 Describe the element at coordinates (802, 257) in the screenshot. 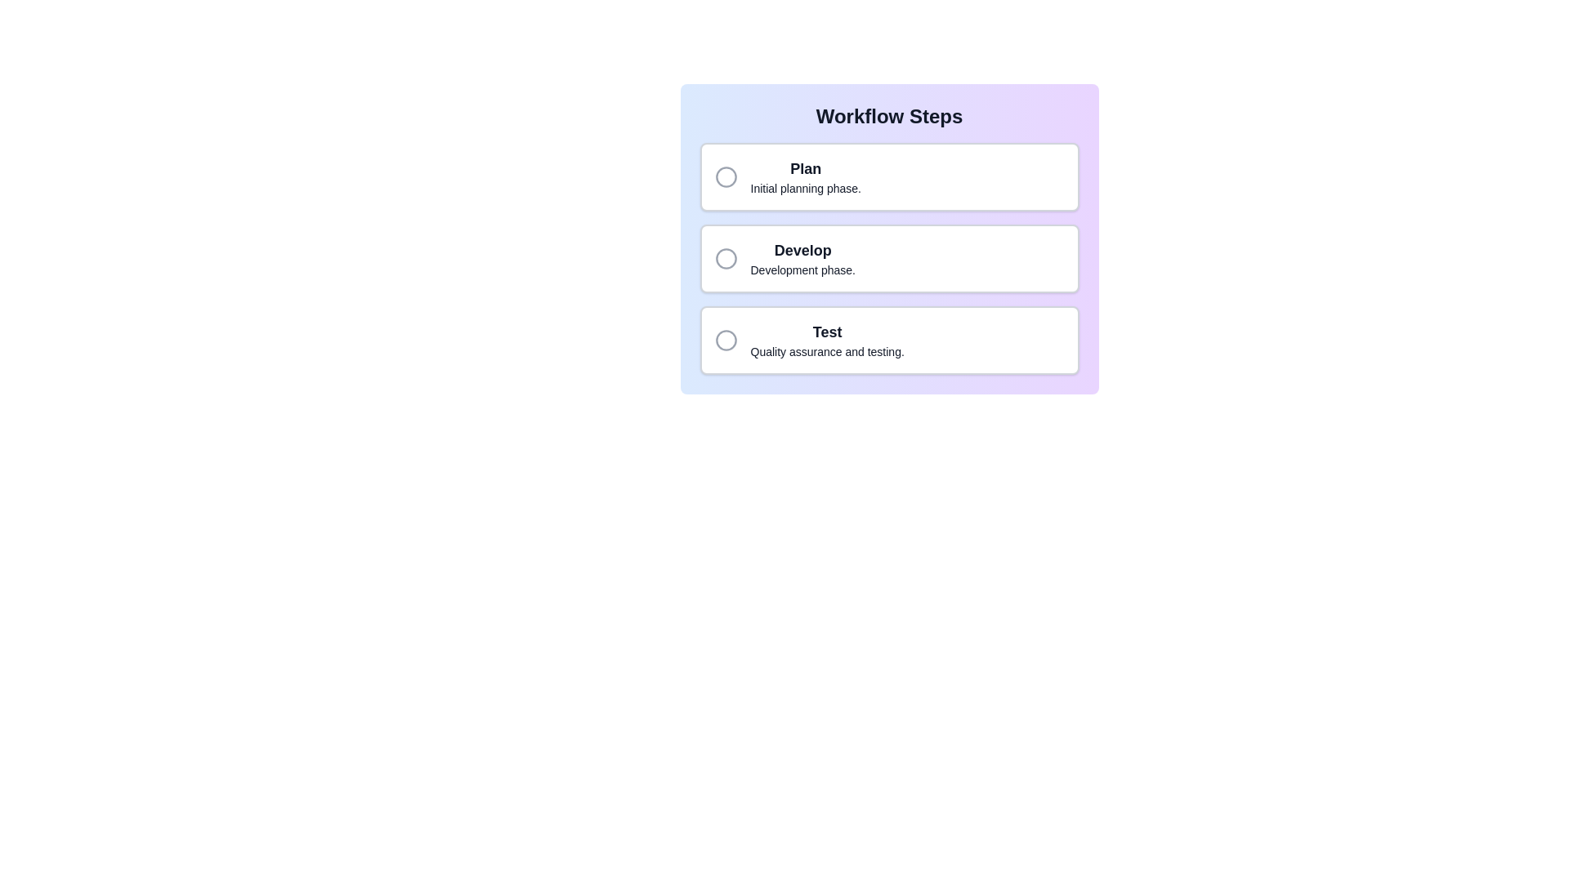

I see `the 'Develop' radio button text, which is centrally aligned within a light-colored rectangular box with rounded edges` at that location.